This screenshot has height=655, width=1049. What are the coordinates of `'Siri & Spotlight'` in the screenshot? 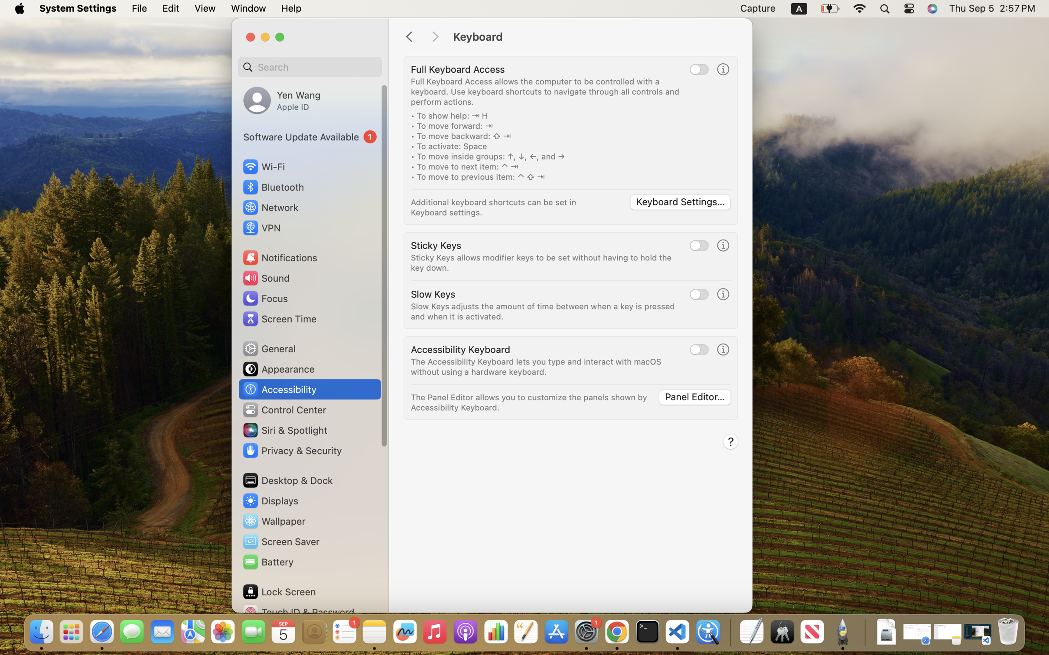 It's located at (284, 430).